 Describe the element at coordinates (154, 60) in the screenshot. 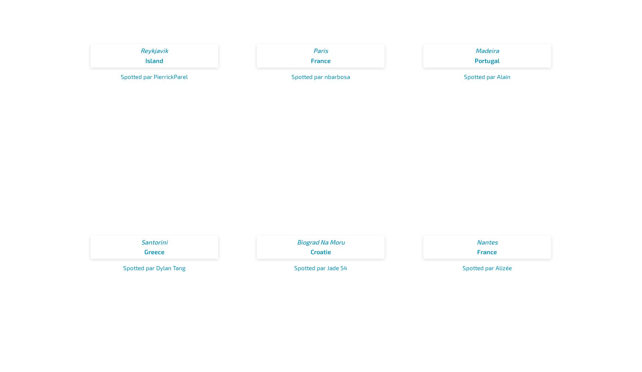

I see `'Island'` at that location.